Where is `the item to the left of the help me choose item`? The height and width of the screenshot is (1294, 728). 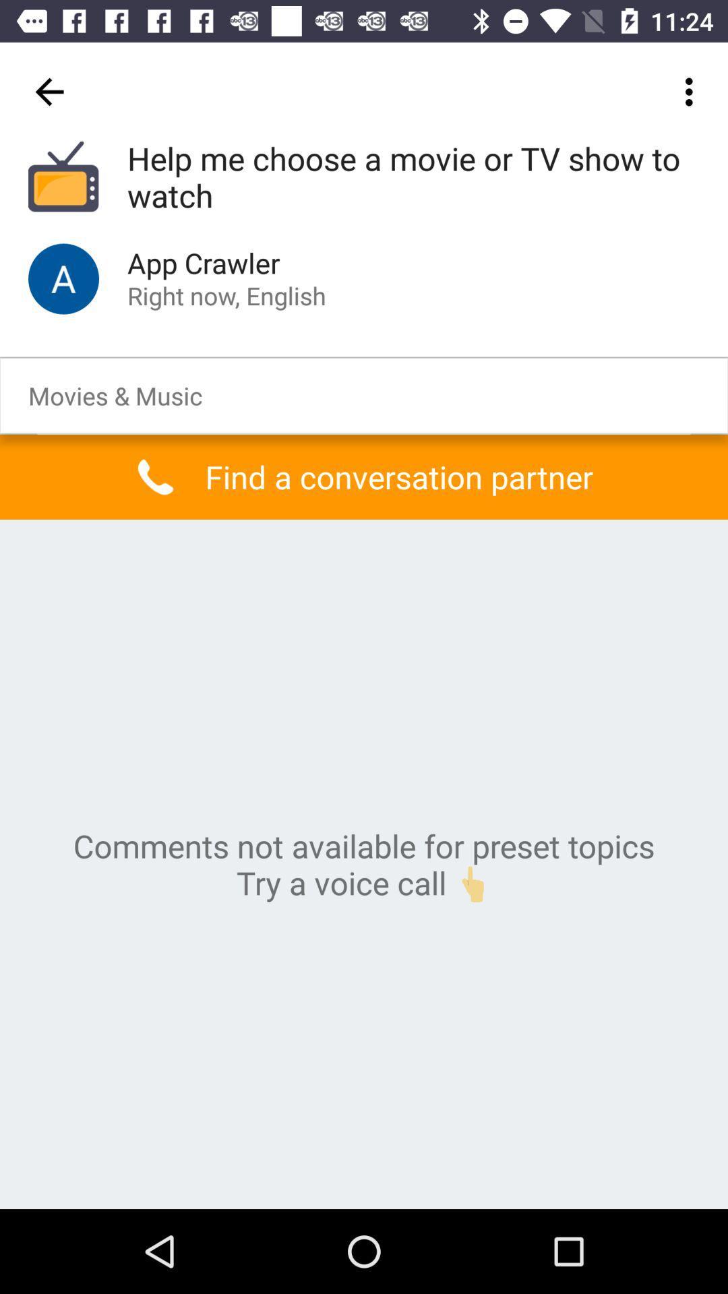 the item to the left of the help me choose item is located at coordinates (49, 91).